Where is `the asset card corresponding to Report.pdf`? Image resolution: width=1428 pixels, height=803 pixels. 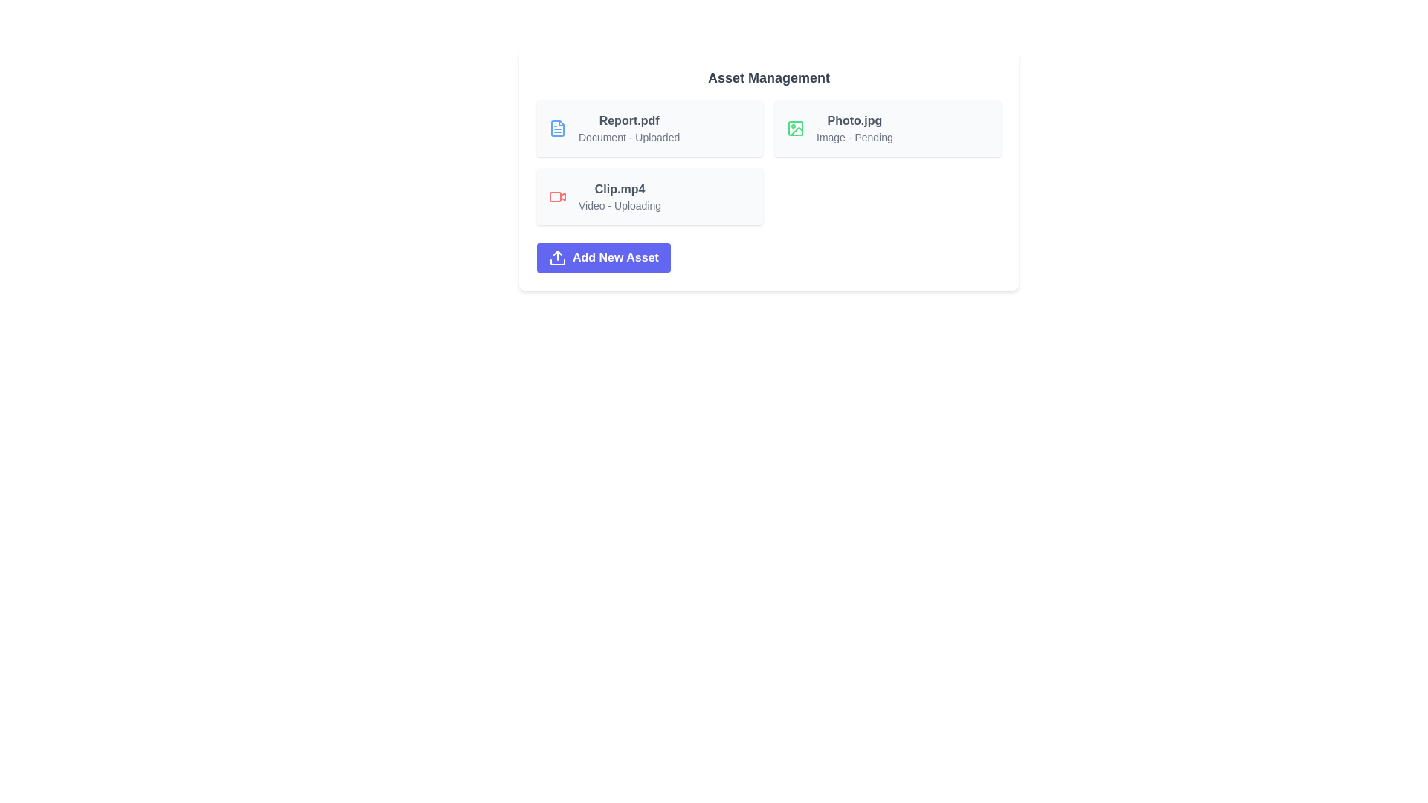 the asset card corresponding to Report.pdf is located at coordinates (649, 128).